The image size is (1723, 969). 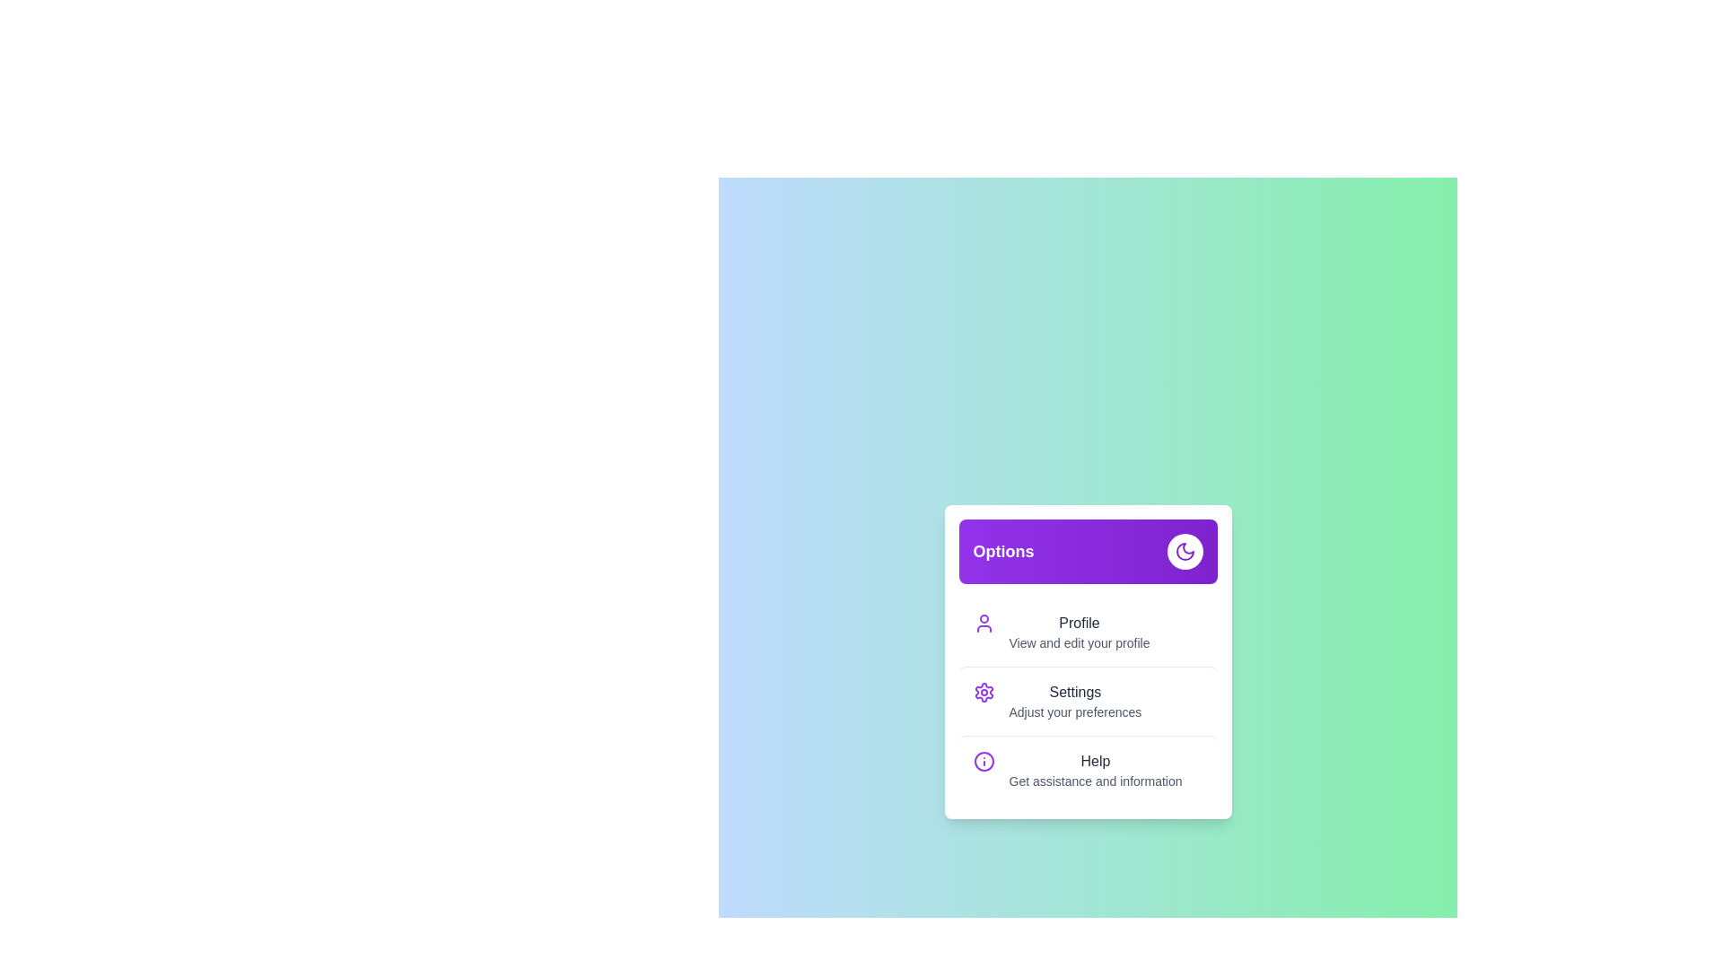 I want to click on the icon for Settings in the menu, so click(x=983, y=691).